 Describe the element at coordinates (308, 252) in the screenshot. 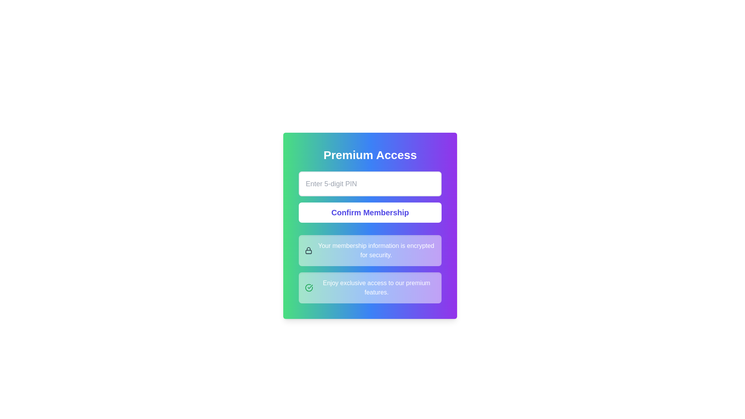

I see `the small rectangular component with rounded corners located towards the bottom-center of the lock icon in the second informational row of the card` at that location.